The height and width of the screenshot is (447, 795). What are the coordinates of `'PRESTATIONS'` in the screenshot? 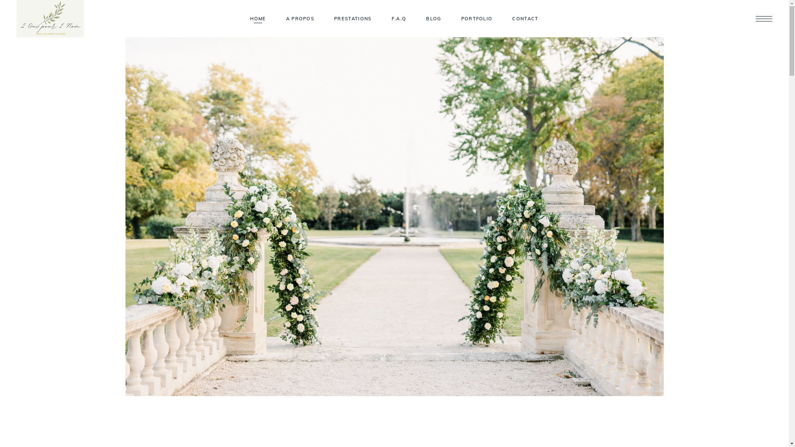 It's located at (353, 19).